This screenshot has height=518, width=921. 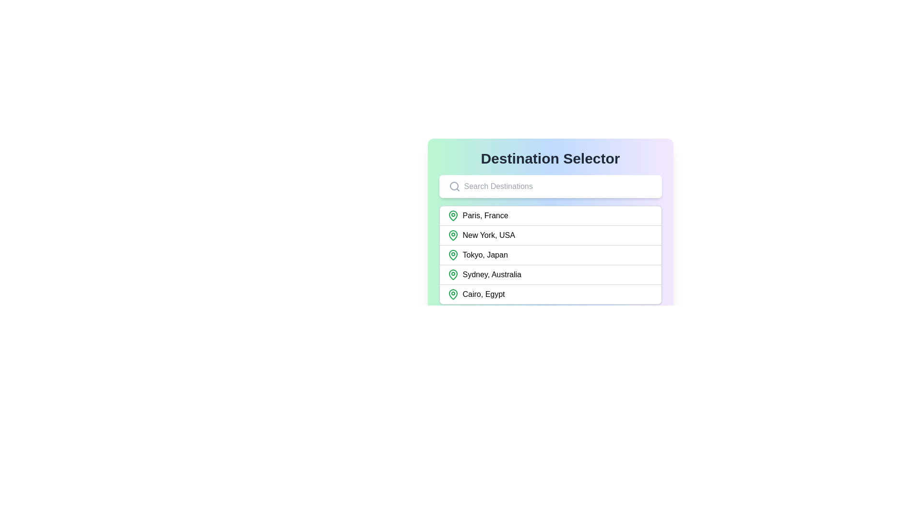 What do you see at coordinates (454, 187) in the screenshot?
I see `the circular gray magnifying glass icon located on the left side of the search bar within the 'Destination Selector' card` at bounding box center [454, 187].